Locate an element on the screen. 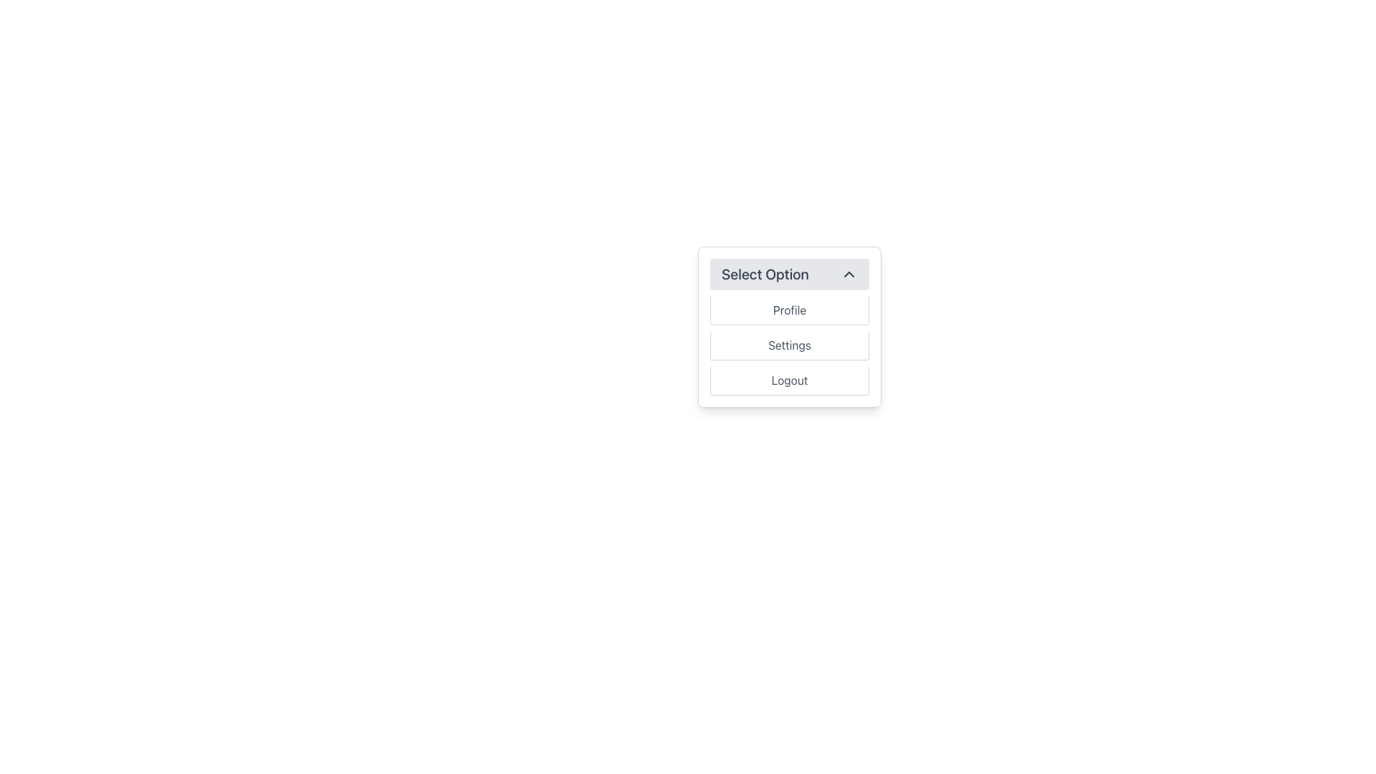  the 'Settings' button, which is a rectangular button with a light gray border and a darker gray background, located in the middle of three stacked buttons is located at coordinates (789, 345).